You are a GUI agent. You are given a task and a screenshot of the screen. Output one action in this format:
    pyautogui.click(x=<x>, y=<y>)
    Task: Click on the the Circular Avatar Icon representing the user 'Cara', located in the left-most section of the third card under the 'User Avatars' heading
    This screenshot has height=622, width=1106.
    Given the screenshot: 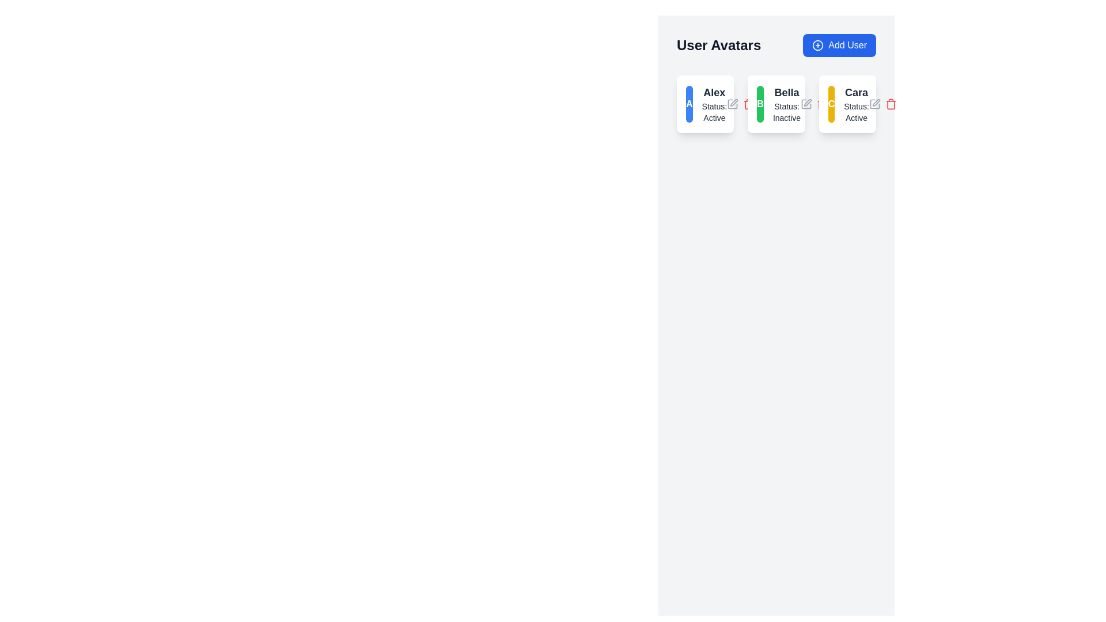 What is the action you would take?
    pyautogui.click(x=831, y=104)
    